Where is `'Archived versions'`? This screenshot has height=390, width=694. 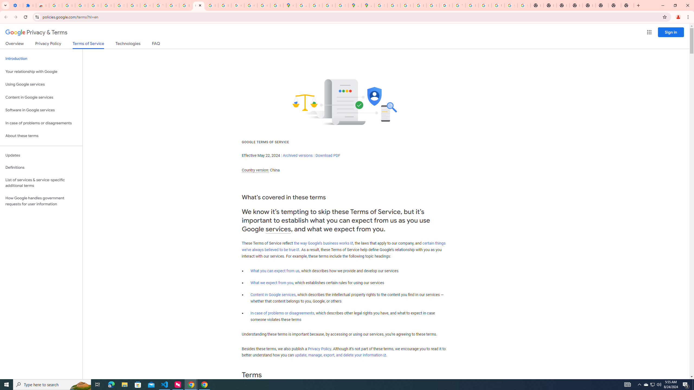 'Archived versions' is located at coordinates (297, 155).